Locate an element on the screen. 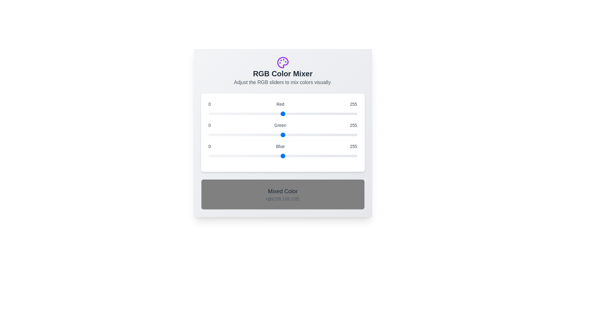 The image size is (595, 335). the green slider to set the green component to 143 is located at coordinates (291, 135).